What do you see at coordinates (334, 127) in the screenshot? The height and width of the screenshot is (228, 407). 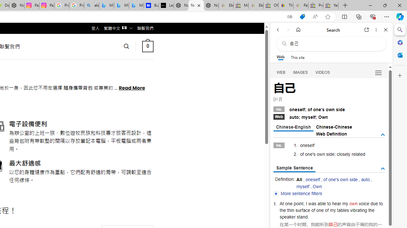 I see `'Chinese-Chinese'` at bounding box center [334, 127].